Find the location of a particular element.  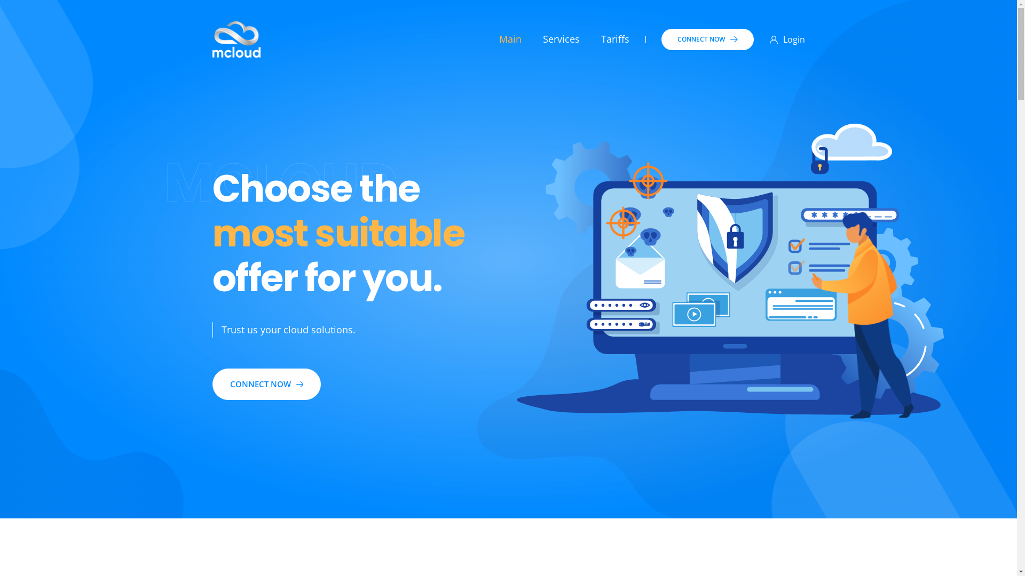

'Main' is located at coordinates (509, 38).